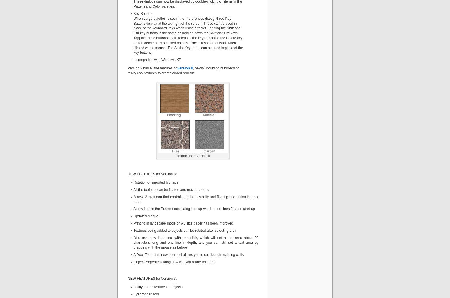  I want to click on 'Key Buttons', so click(134, 13).